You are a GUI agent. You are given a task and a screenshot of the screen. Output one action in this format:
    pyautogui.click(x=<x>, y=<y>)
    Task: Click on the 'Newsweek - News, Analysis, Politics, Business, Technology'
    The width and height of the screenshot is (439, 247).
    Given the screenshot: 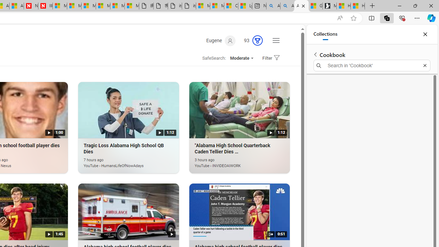 What is the action you would take?
    pyautogui.click(x=31, y=6)
    